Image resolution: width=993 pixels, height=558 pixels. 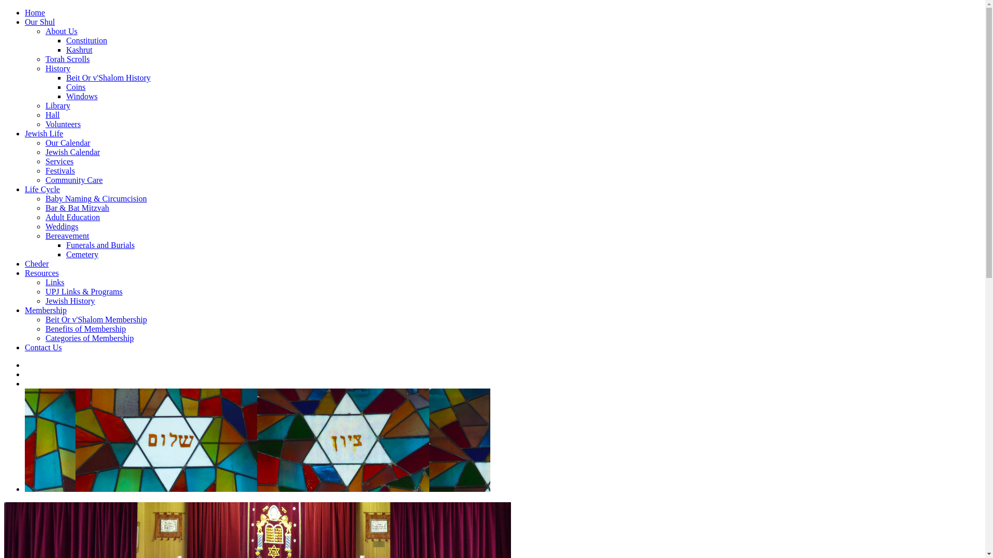 I want to click on 'Resources', so click(x=25, y=272).